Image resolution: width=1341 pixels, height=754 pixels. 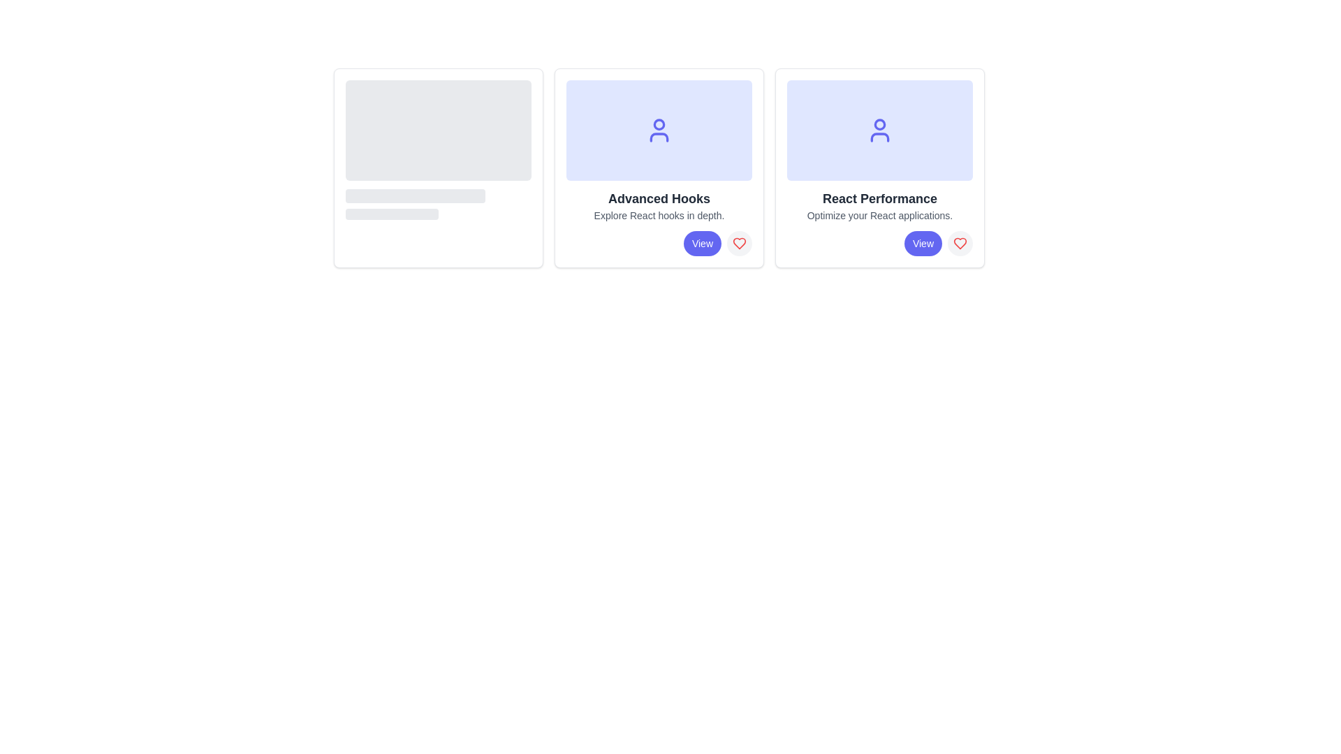 I want to click on the Placeholder Card located in the top-left corner of a grid layout, which features a white background, rounded corners, and a gray placeholder image area, so click(x=438, y=167).